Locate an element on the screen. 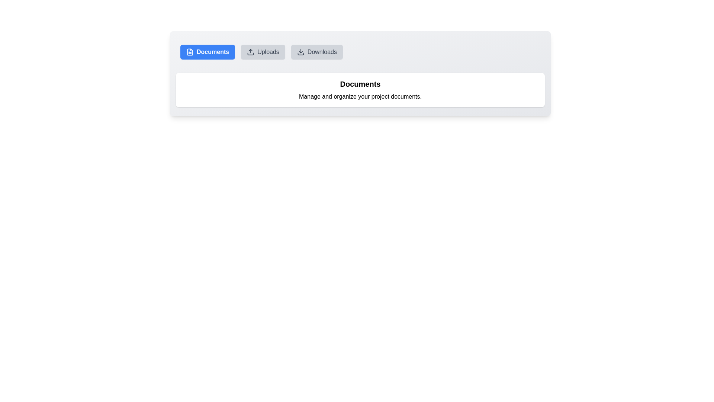 This screenshot has width=714, height=402. the description text to select it is located at coordinates (360, 96).